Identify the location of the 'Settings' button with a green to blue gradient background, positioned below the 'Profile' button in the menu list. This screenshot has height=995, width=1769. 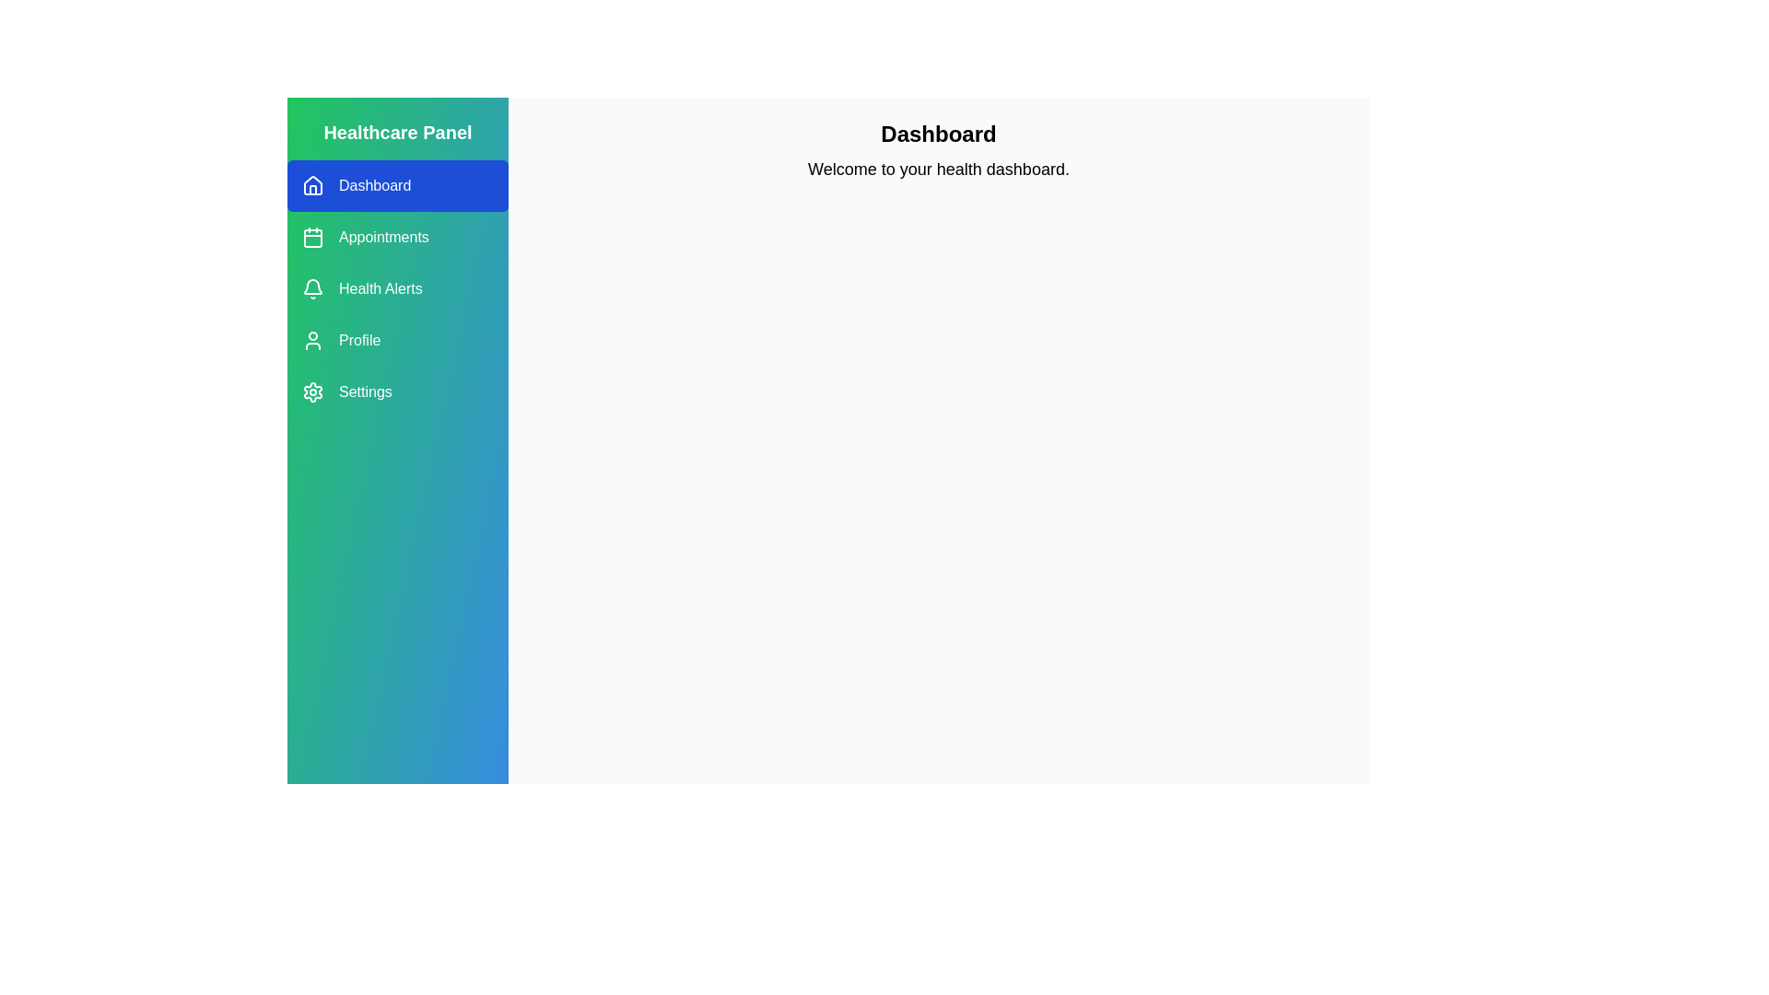
(397, 391).